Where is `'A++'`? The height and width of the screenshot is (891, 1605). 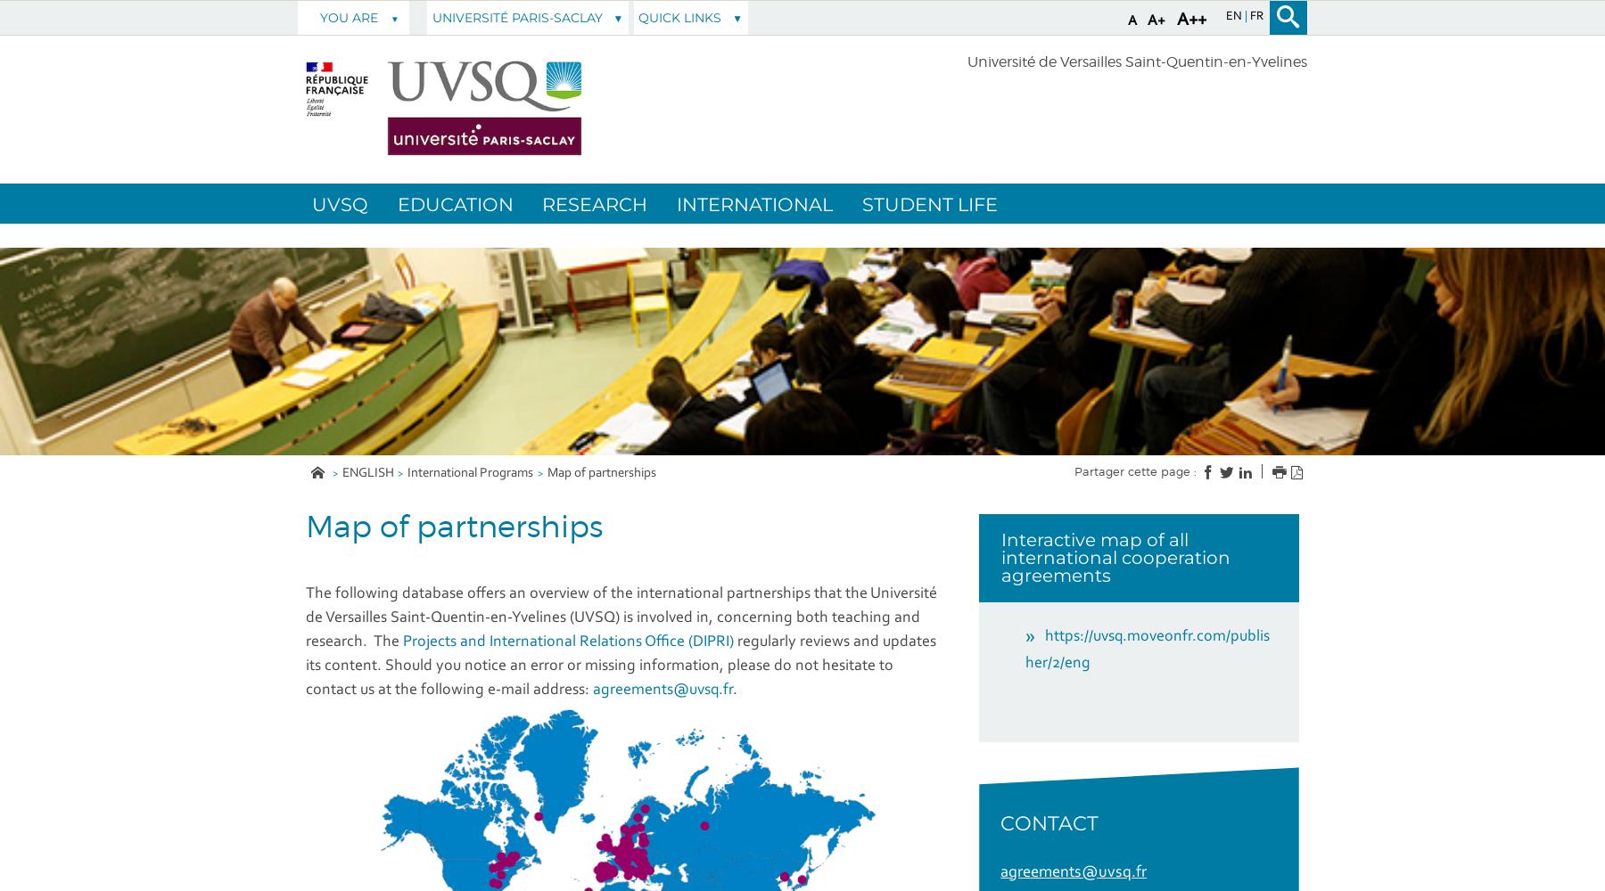
'A++' is located at coordinates (1190, 20).